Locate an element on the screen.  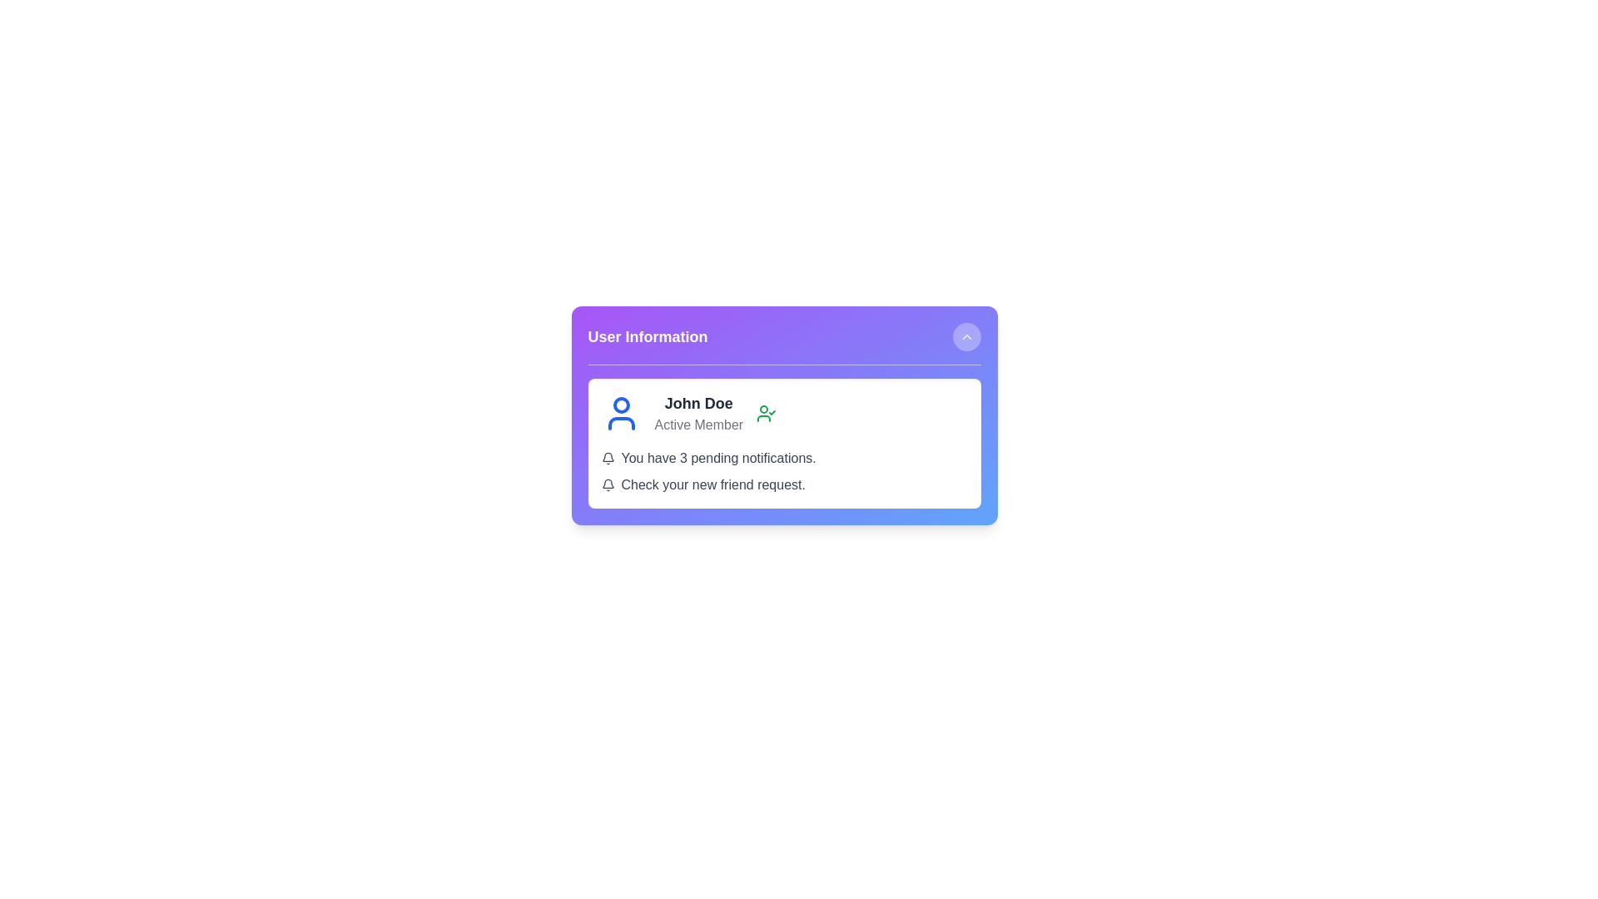
the 'Active Member' text label, which is styled in a smaller gray font and positioned below the name 'John Doe' within the user profile card is located at coordinates (698, 424).